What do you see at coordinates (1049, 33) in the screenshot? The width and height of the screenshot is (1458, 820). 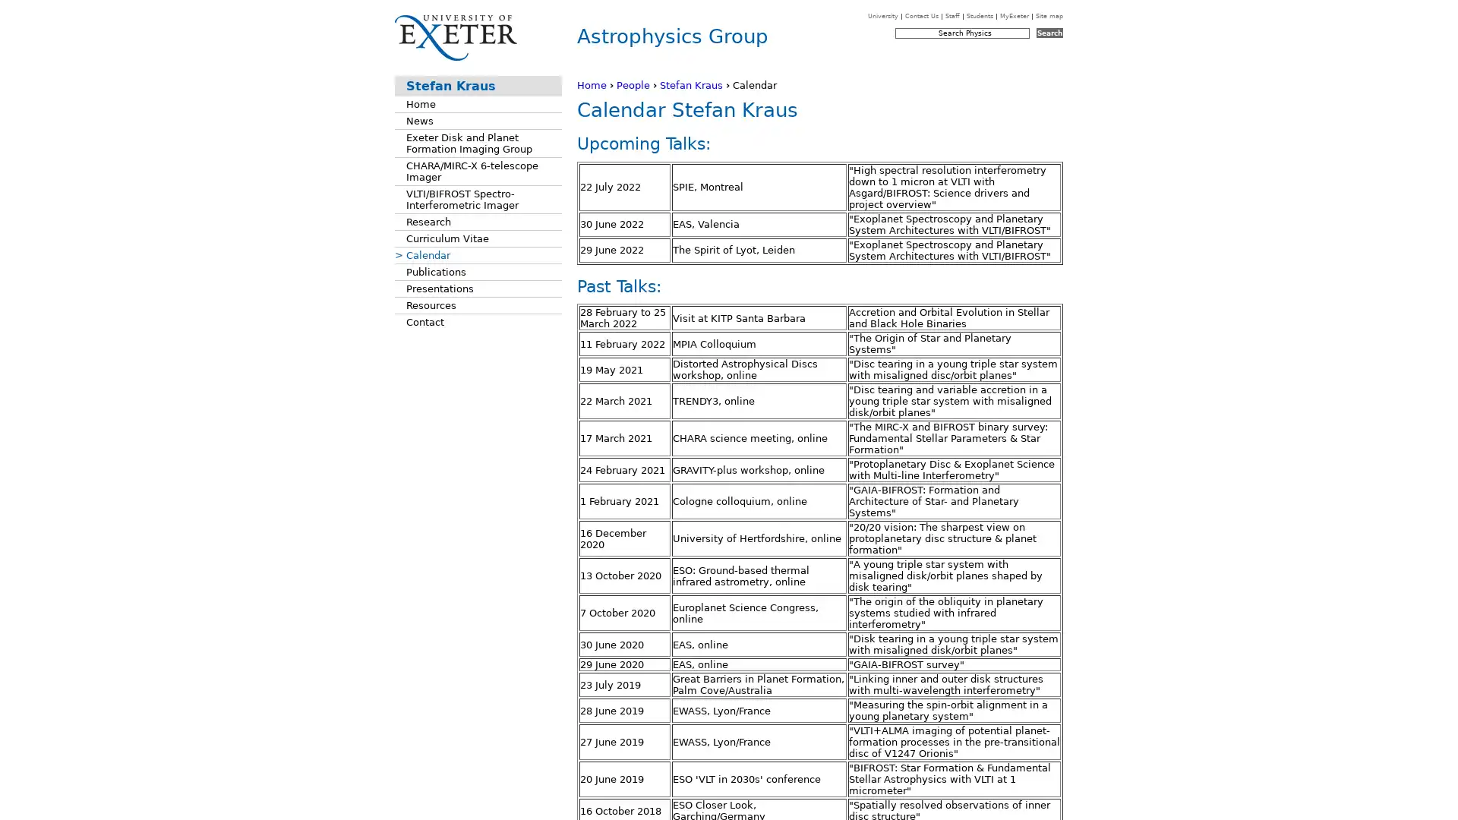 I see `Search` at bounding box center [1049, 33].